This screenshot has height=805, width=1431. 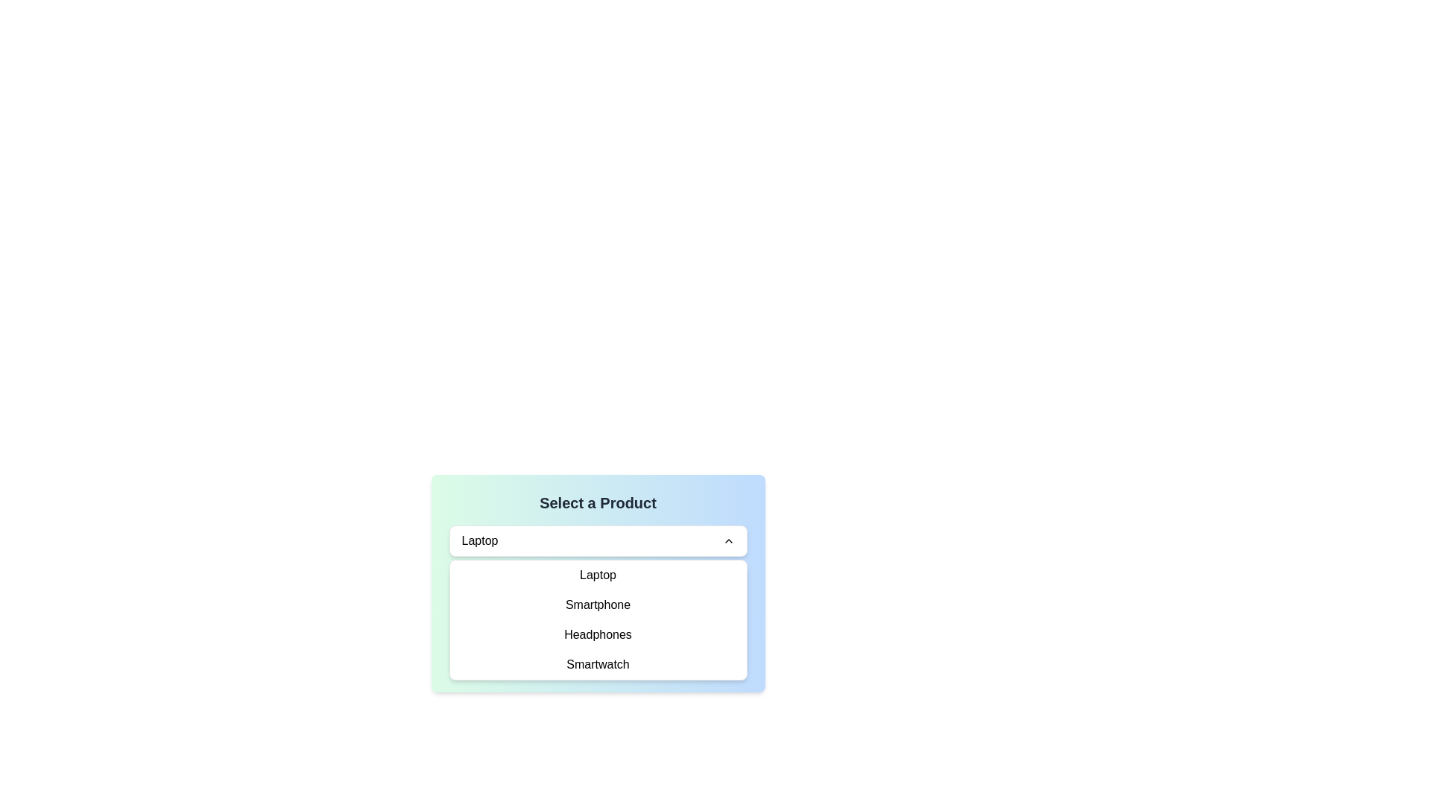 What do you see at coordinates (598, 574) in the screenshot?
I see `the first option in the dropdown menu labeled 'Laptop'` at bounding box center [598, 574].